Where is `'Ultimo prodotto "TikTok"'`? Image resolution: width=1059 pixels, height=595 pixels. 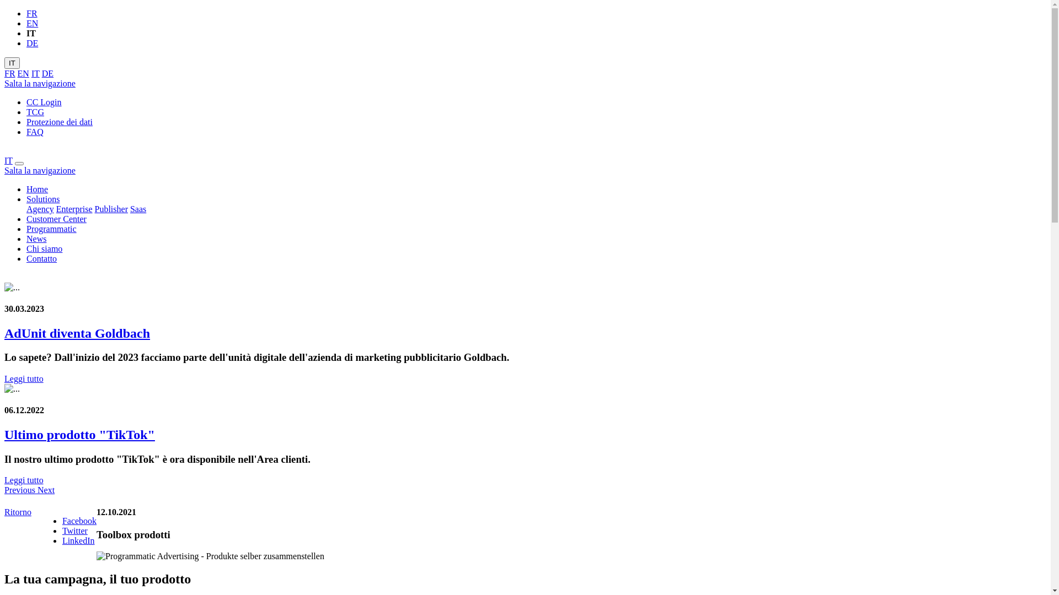
'Ultimo prodotto "TikTok"' is located at coordinates (79, 434).